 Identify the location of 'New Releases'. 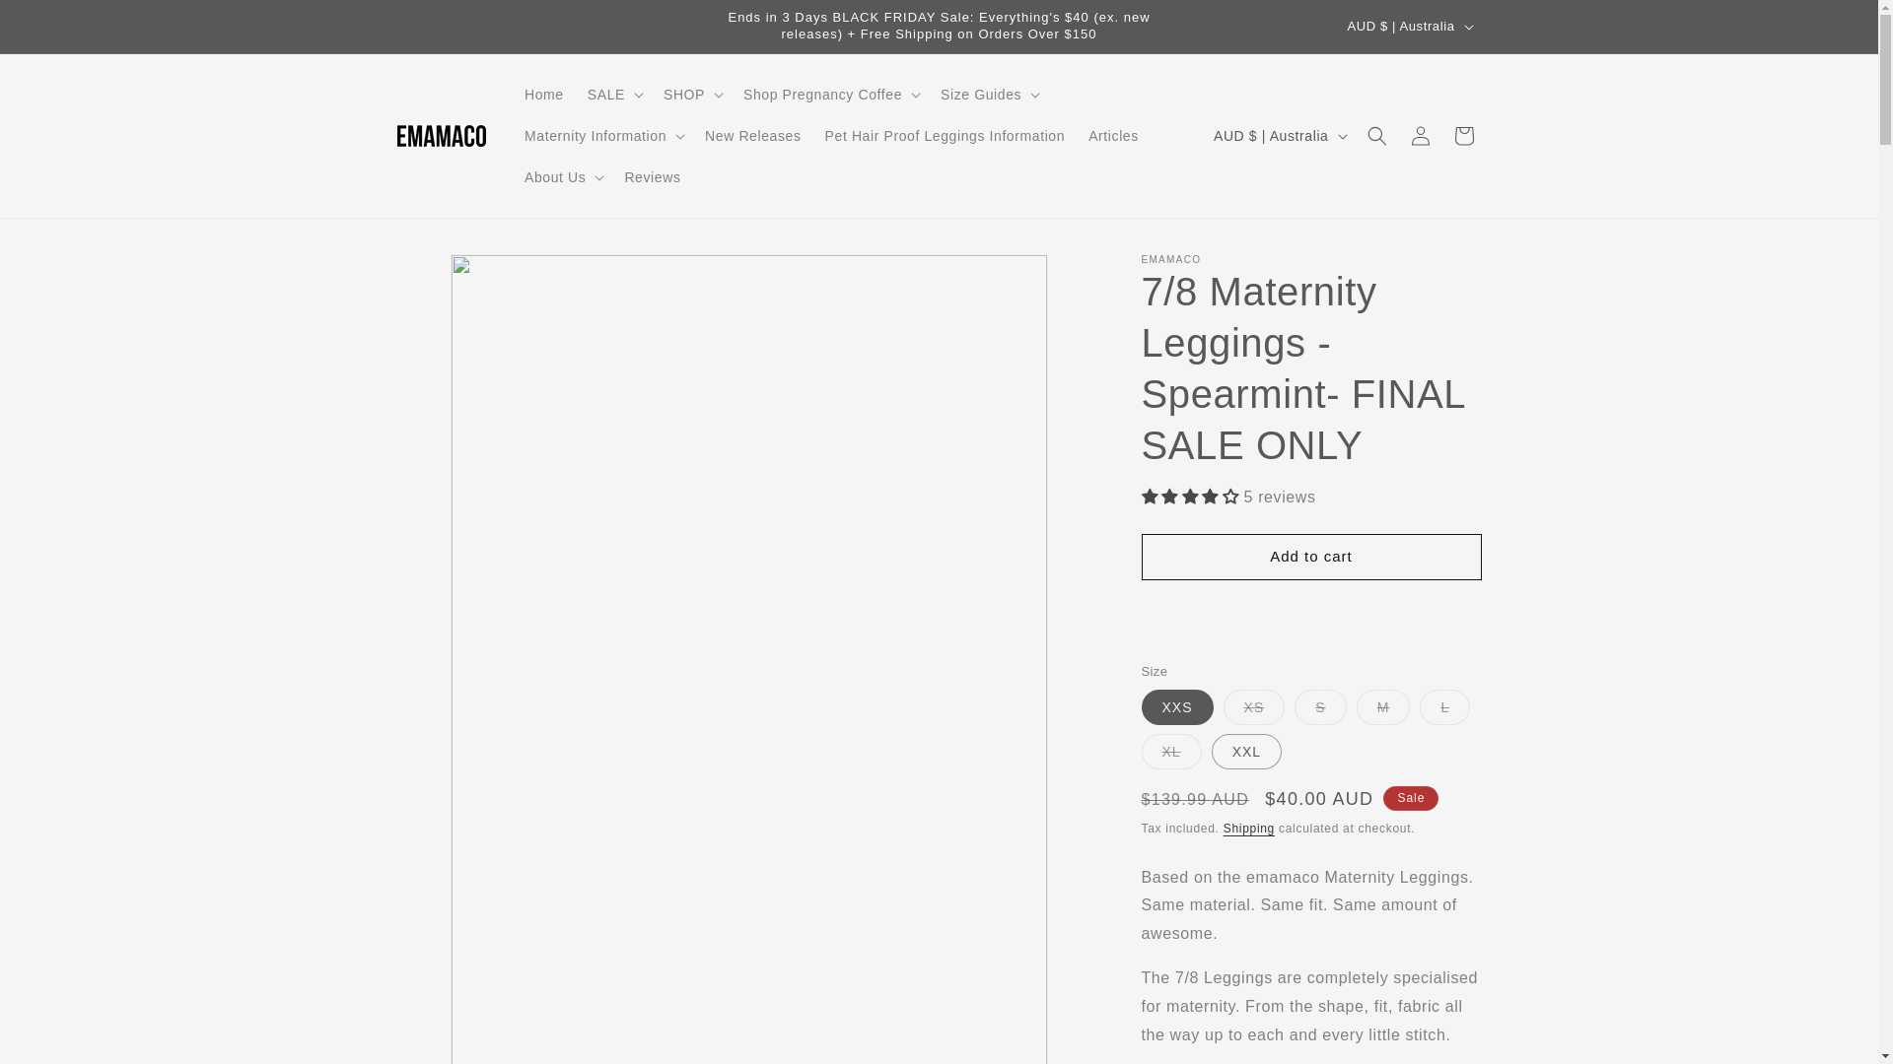
(751, 135).